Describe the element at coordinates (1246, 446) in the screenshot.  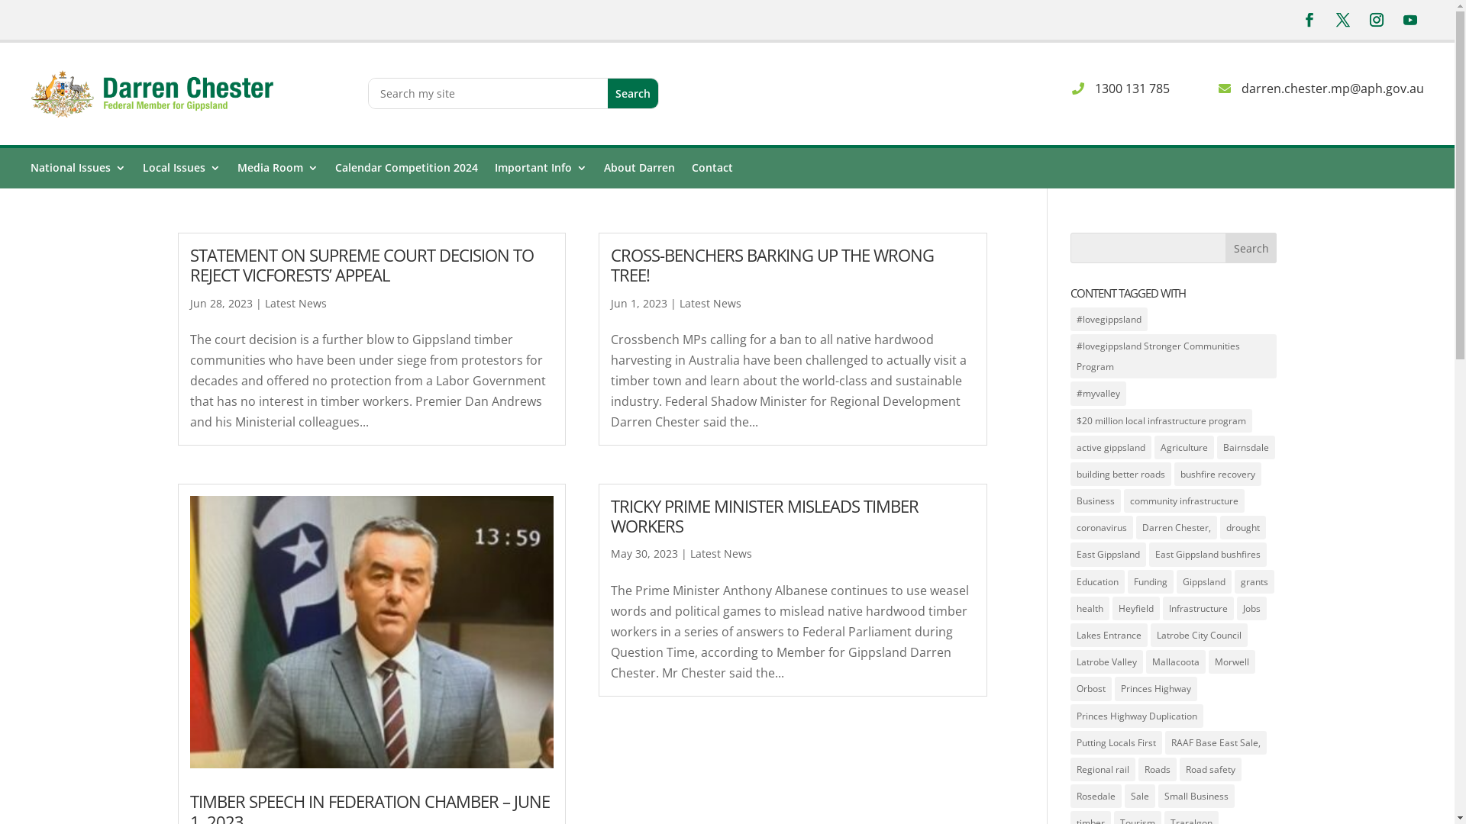
I see `'Bairnsdale'` at that location.